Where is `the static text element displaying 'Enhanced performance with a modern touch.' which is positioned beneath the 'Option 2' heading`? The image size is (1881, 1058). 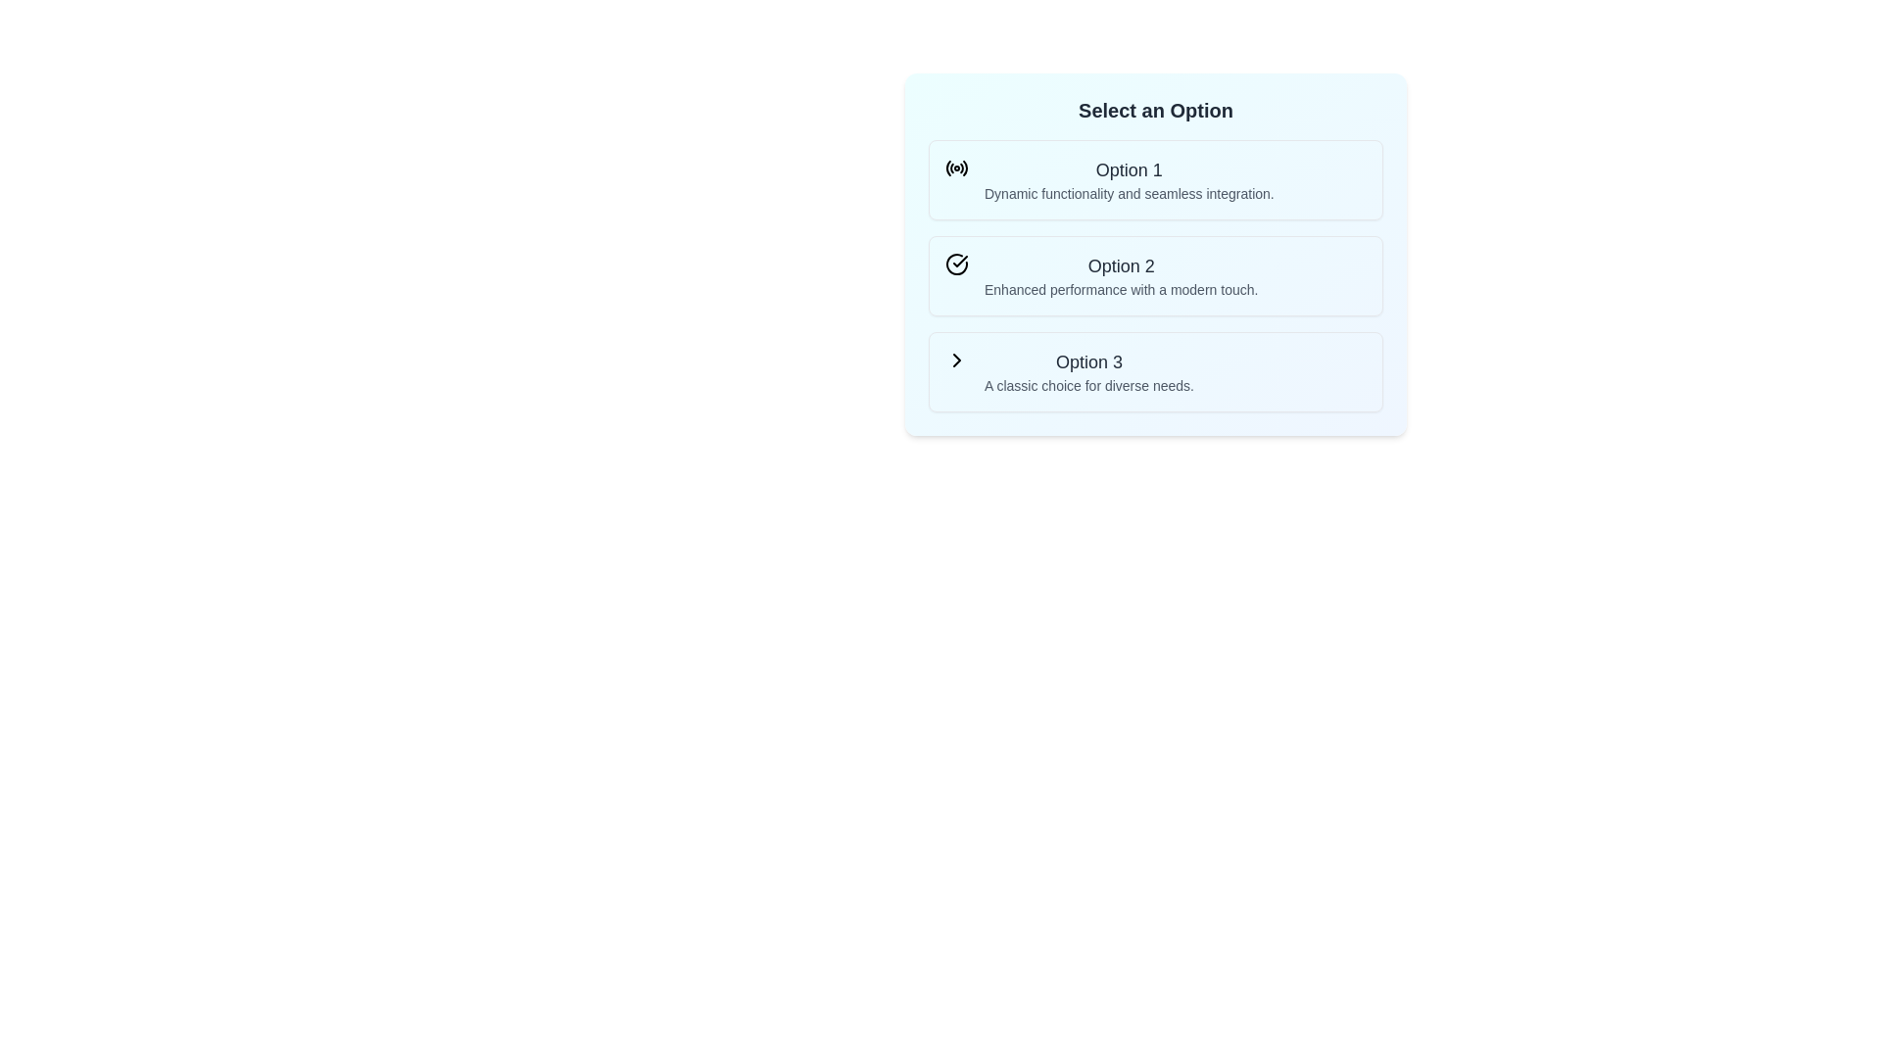
the static text element displaying 'Enhanced performance with a modern touch.' which is positioned beneath the 'Option 2' heading is located at coordinates (1121, 290).